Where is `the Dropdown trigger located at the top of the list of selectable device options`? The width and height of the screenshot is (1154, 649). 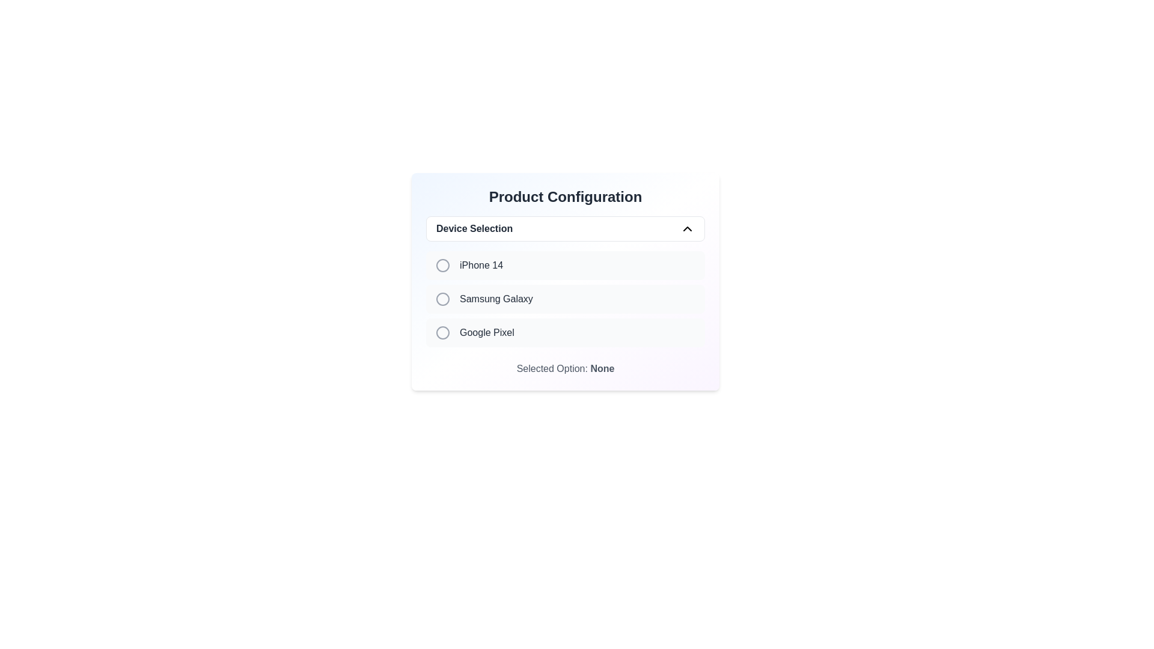 the Dropdown trigger located at the top of the list of selectable device options is located at coordinates (564, 229).